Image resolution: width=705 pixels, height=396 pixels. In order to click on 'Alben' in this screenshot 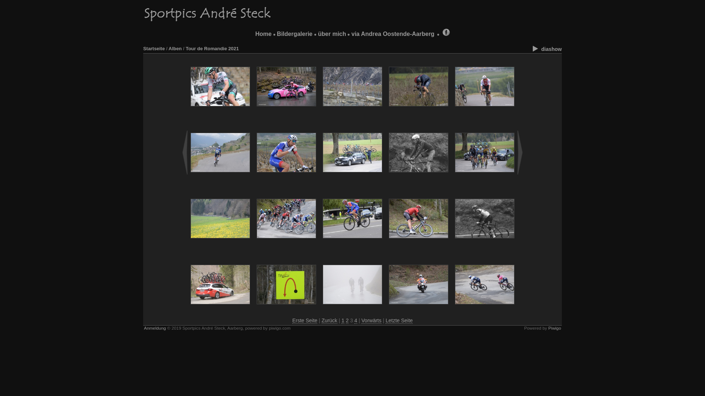, I will do `click(174, 48)`.